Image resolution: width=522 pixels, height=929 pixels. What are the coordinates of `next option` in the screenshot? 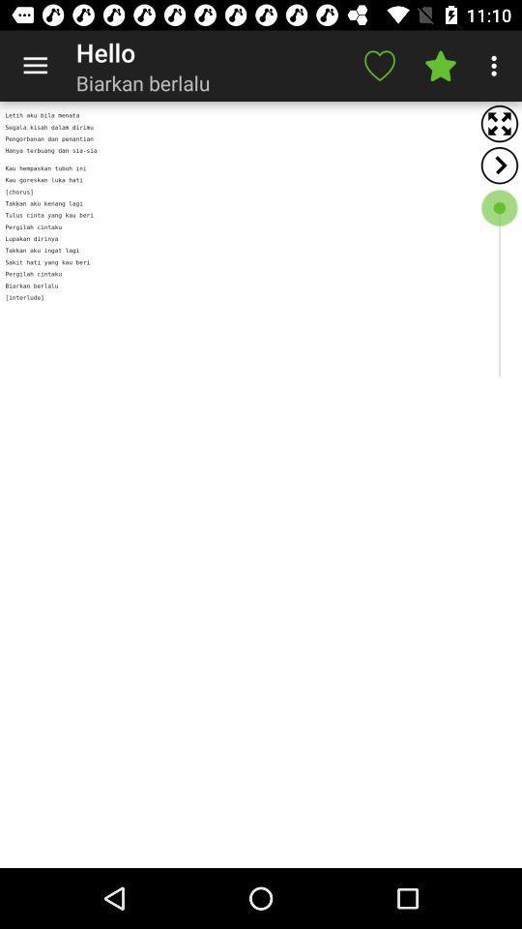 It's located at (499, 165).